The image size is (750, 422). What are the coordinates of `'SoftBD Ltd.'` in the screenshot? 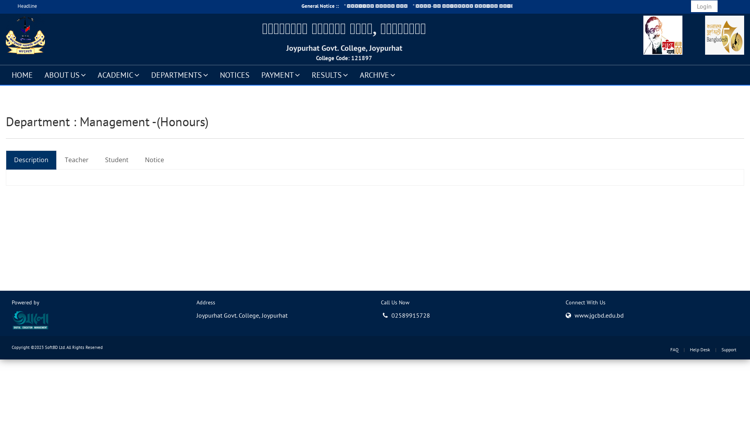 It's located at (45, 347).